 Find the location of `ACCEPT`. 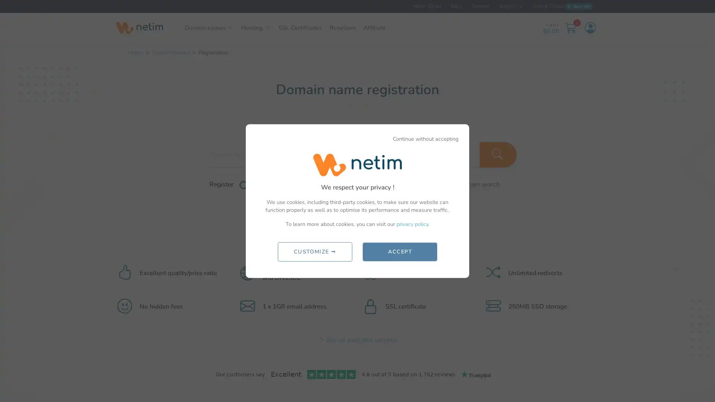

ACCEPT is located at coordinates (400, 251).